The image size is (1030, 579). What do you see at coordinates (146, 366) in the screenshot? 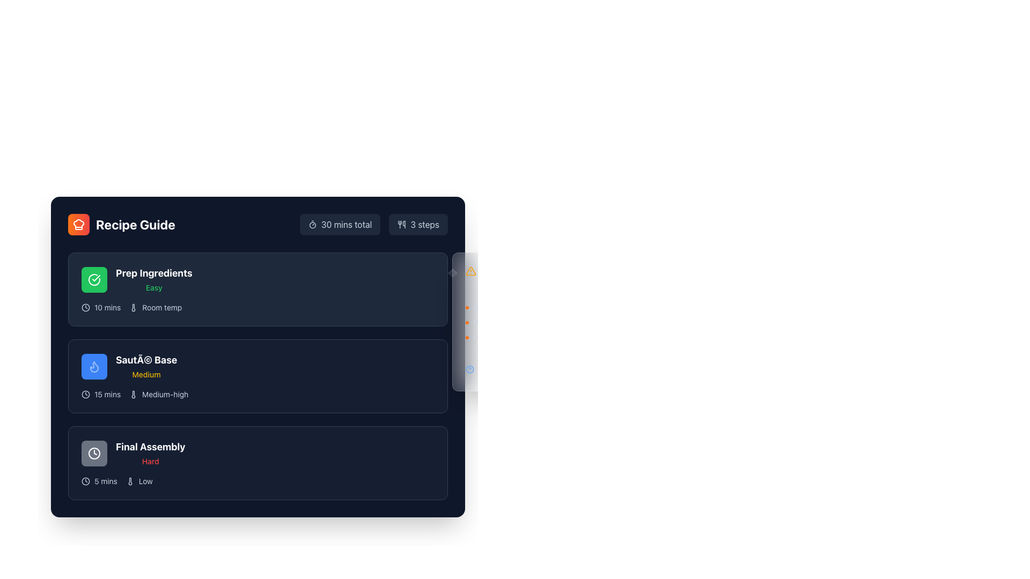
I see `the Text Display element that serves as a title and subtitle for the second card in the recipe progression interface, located centrally to the right of the flame icon` at bounding box center [146, 366].